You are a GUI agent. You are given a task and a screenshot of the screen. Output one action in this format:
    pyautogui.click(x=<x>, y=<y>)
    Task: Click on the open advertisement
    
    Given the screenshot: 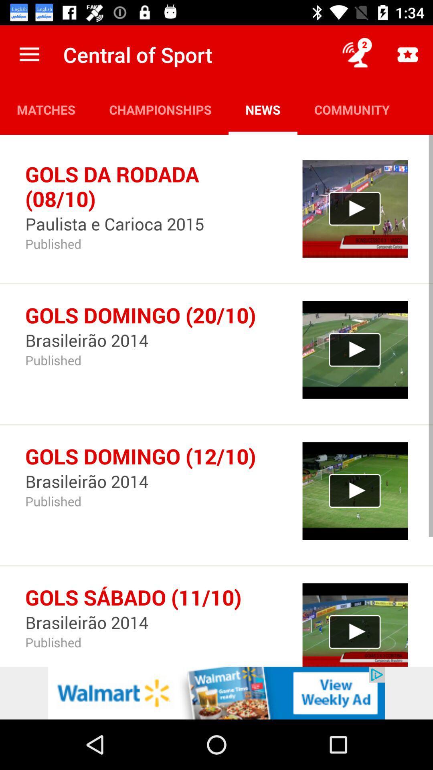 What is the action you would take?
    pyautogui.click(x=216, y=693)
    